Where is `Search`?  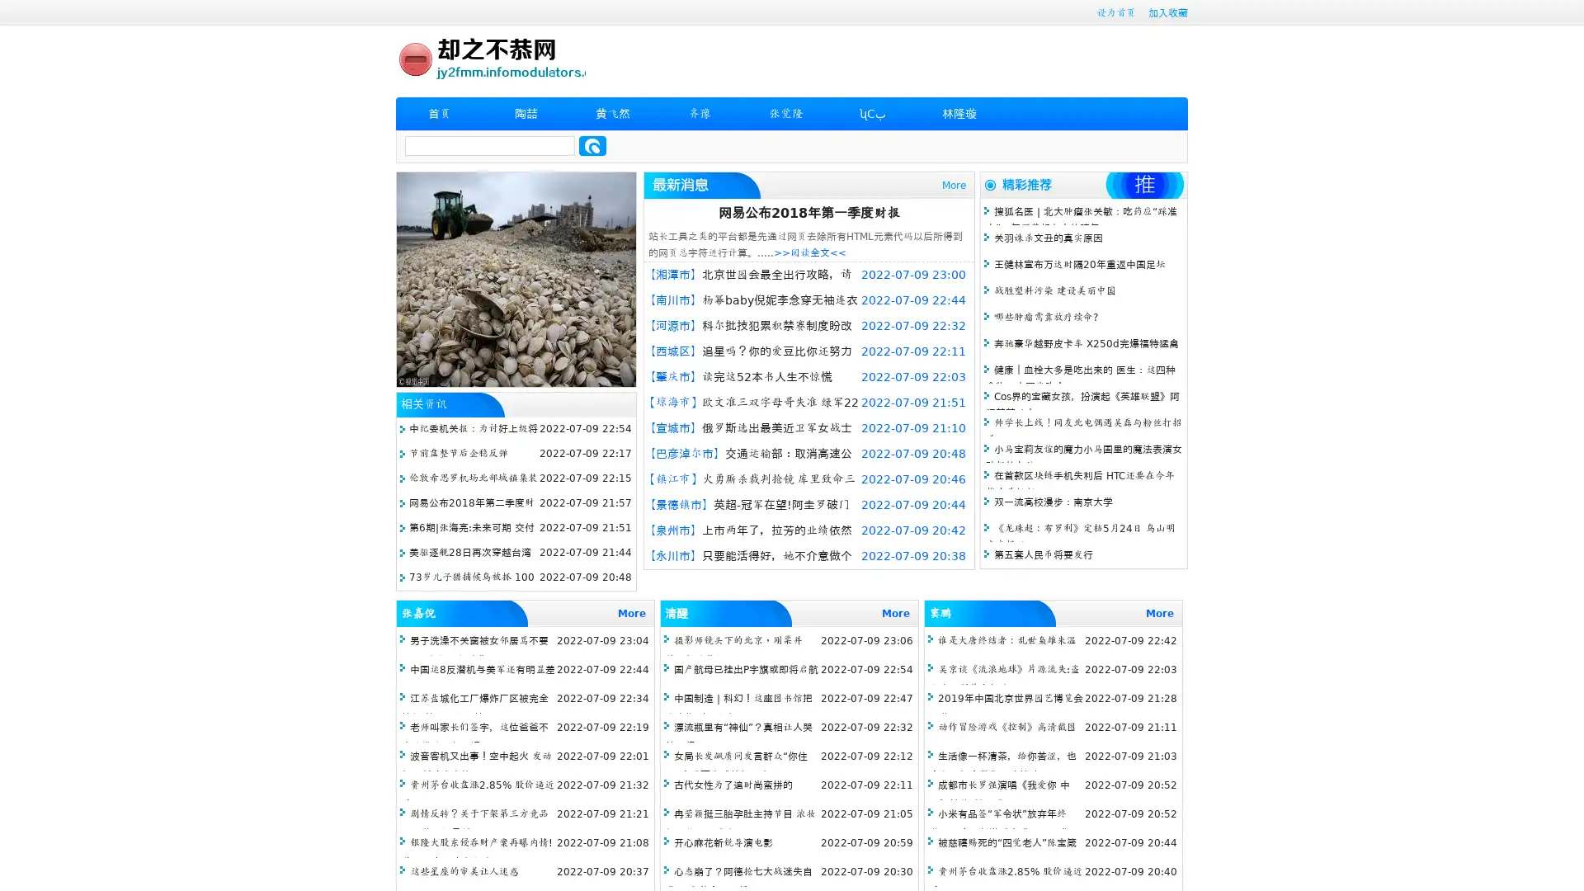
Search is located at coordinates (592, 145).